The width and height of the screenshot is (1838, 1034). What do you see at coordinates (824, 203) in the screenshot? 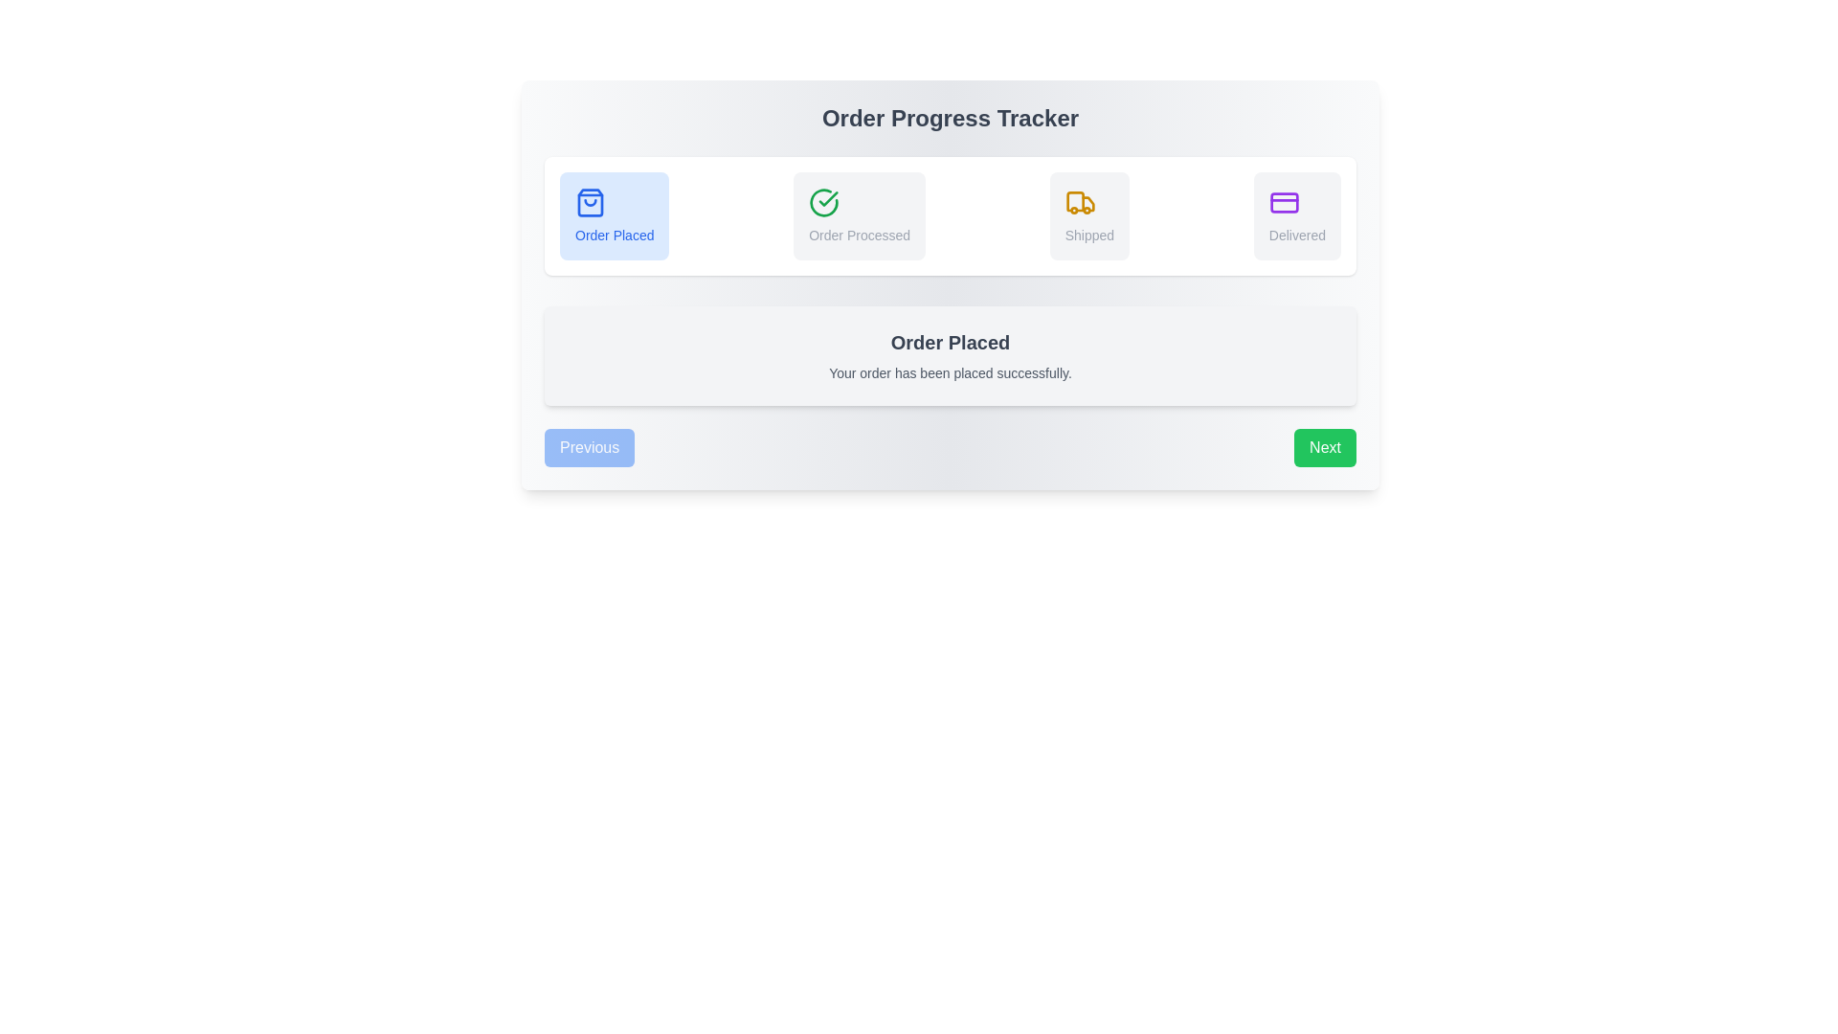
I see `the green circle icon with a checkmark inside, located above the text label 'Order Processed' in the second position among four sections` at bounding box center [824, 203].